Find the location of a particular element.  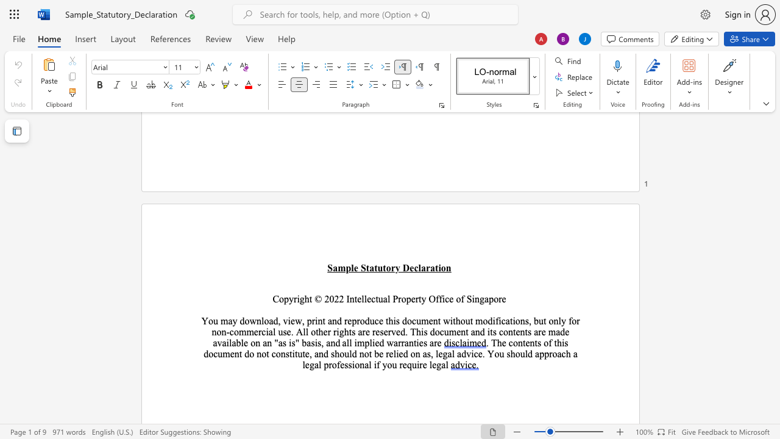

the 3th character "f" in the text is located at coordinates (462, 299).